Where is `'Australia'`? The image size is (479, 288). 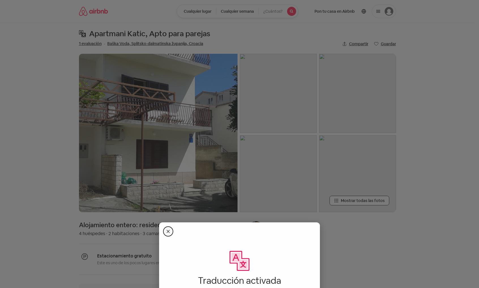
'Australia' is located at coordinates (228, 107).